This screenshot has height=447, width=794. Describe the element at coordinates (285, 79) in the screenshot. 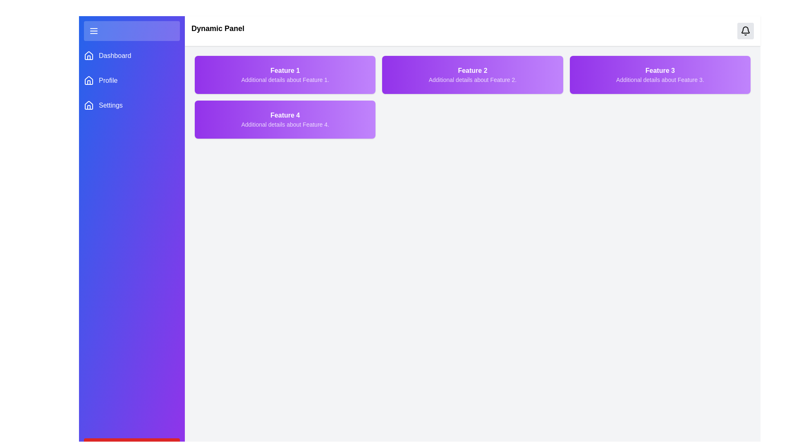

I see `the static text label that provides additional descriptive information related to 'Feature 1', positioned directly below the header within the feature card in the top-left area of the grid layout` at that location.